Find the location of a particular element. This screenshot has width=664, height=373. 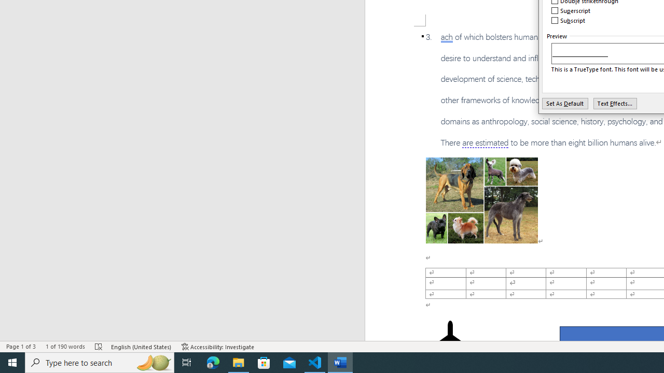

'Spelling and Grammar Check Errors' is located at coordinates (99, 347).